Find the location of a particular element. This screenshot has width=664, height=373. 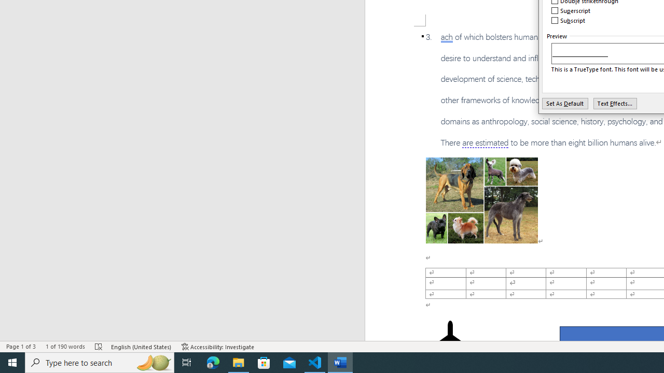

'Spelling and Grammar Check Errors' is located at coordinates (99, 347).